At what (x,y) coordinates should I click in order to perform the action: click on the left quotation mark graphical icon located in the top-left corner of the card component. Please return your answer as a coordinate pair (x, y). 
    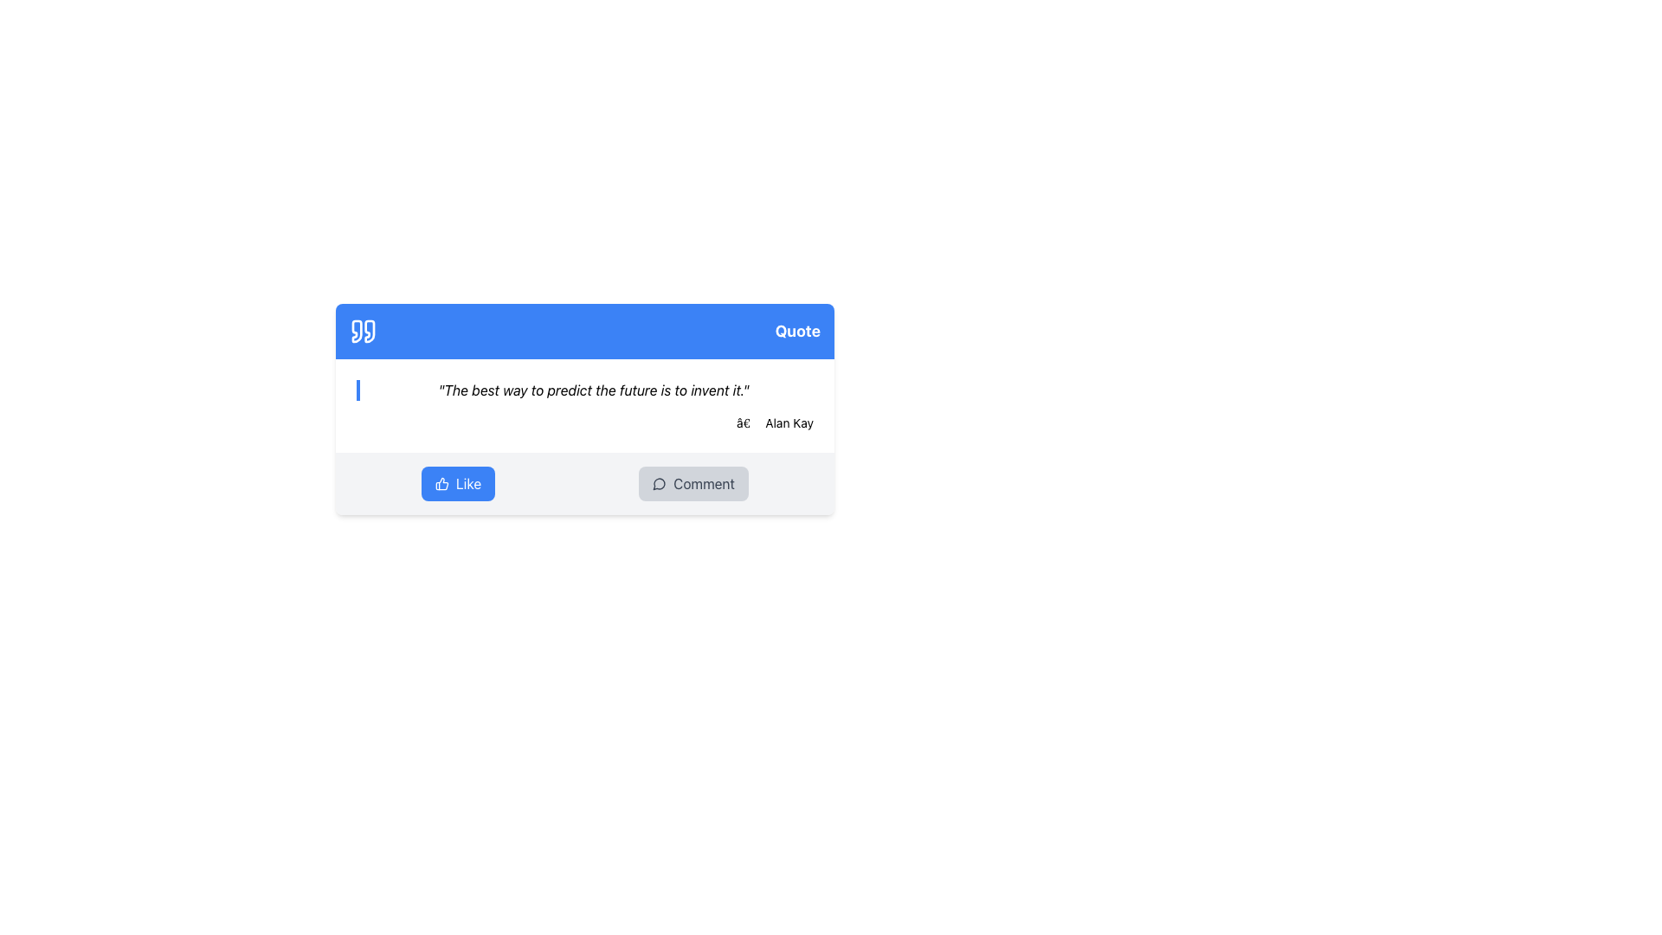
    Looking at the image, I should click on (356, 331).